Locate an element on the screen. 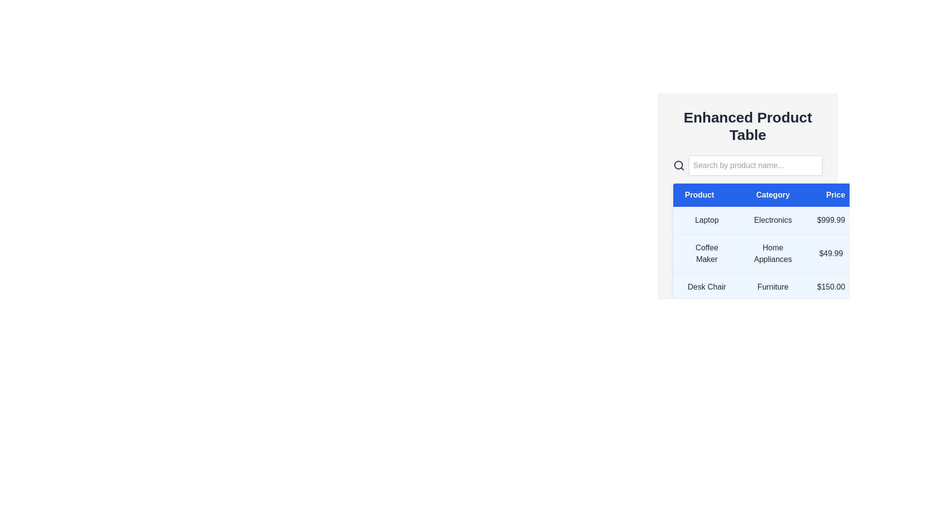 This screenshot has width=930, height=523. the first row in the table displaying 'Laptop', 'Electronics', and '$999.99' is located at coordinates (764, 220).